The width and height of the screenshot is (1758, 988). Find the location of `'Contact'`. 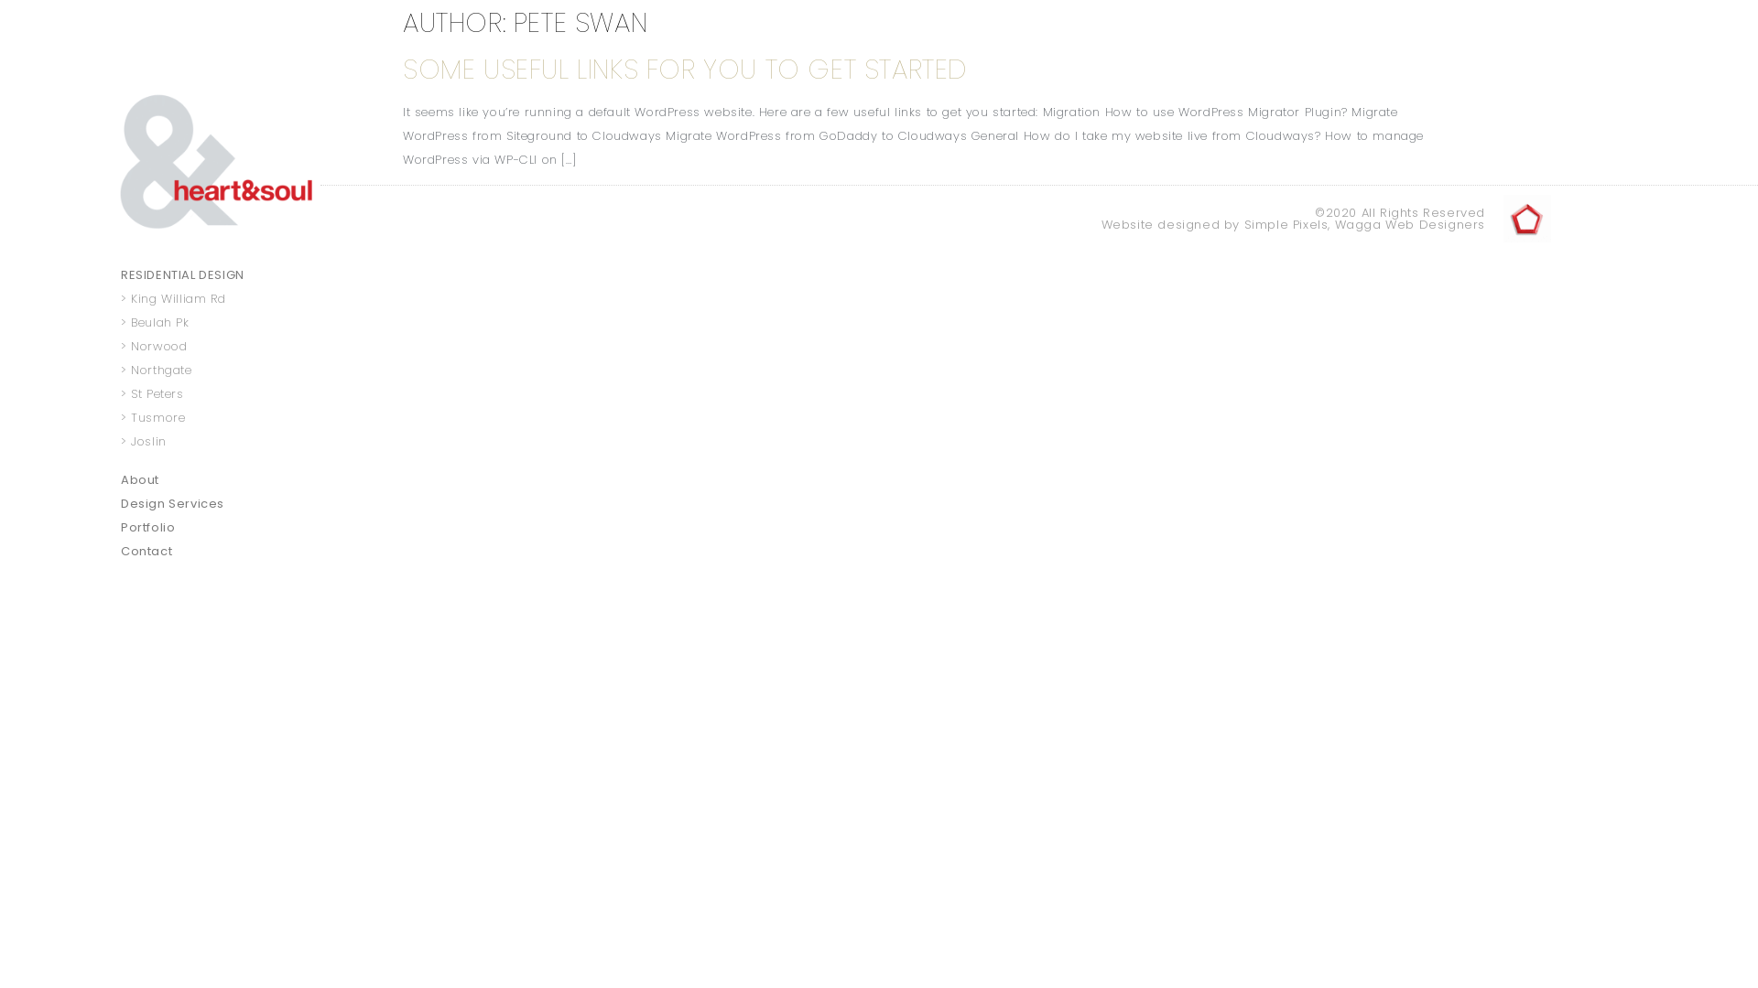

'Contact' is located at coordinates (220, 550).